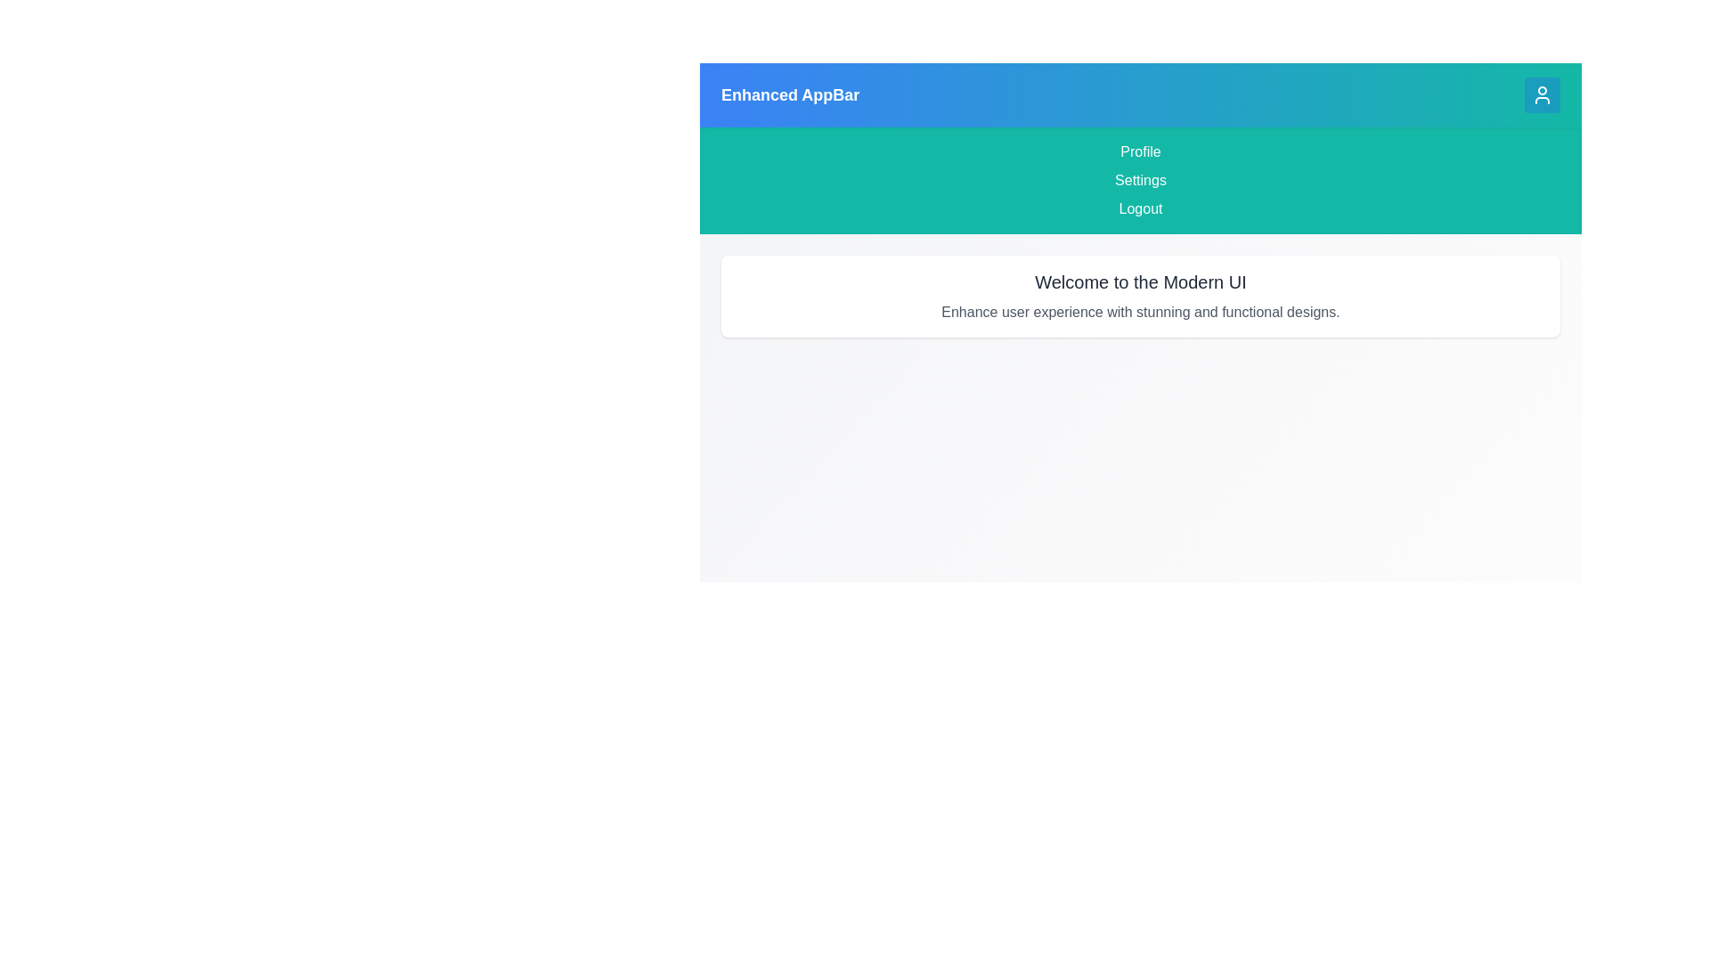  Describe the element at coordinates (1141, 151) in the screenshot. I see `the menu item Profile from the menu` at that location.